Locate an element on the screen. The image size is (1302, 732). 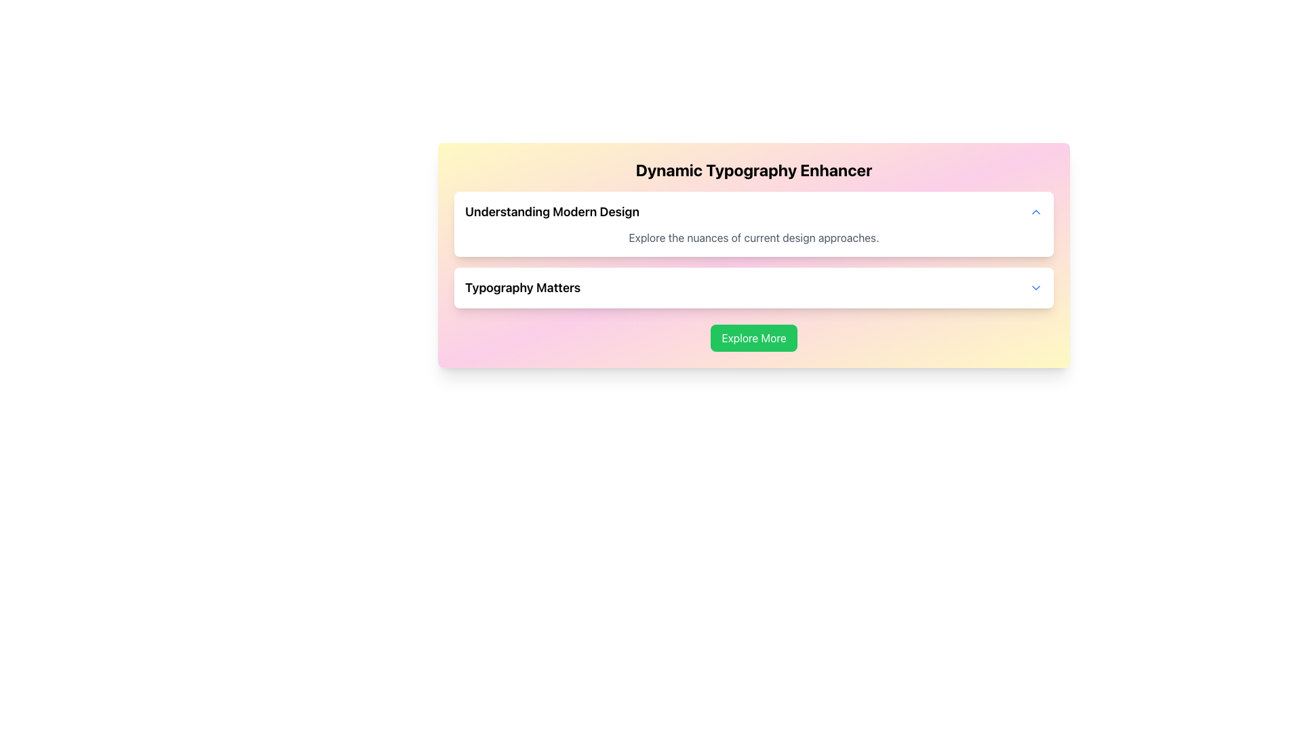
the button in the upper-right corner of the 'Understanding Modern Design' list item is located at coordinates (1035, 211).